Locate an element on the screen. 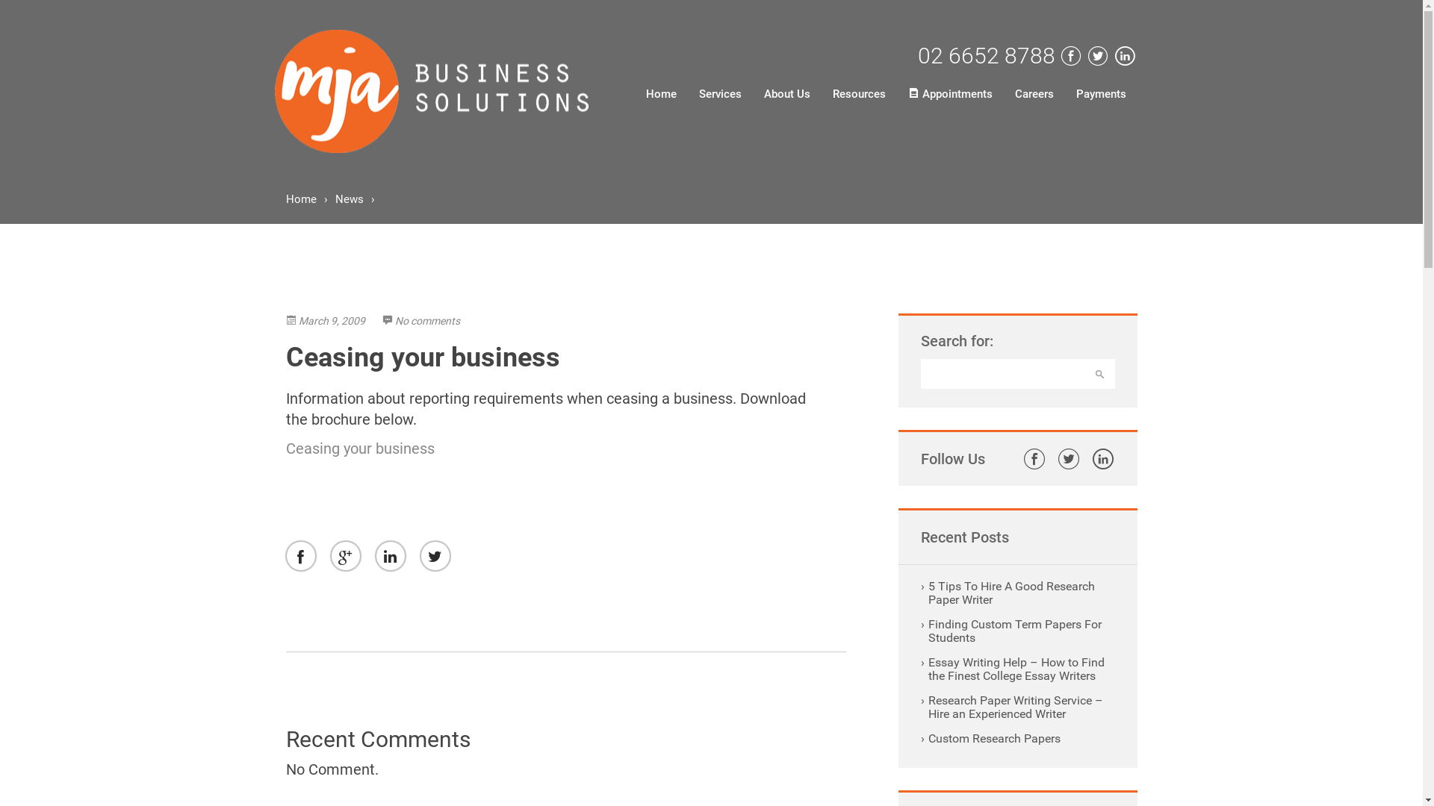 This screenshot has height=806, width=1434. 'Payments' is located at coordinates (1101, 94).